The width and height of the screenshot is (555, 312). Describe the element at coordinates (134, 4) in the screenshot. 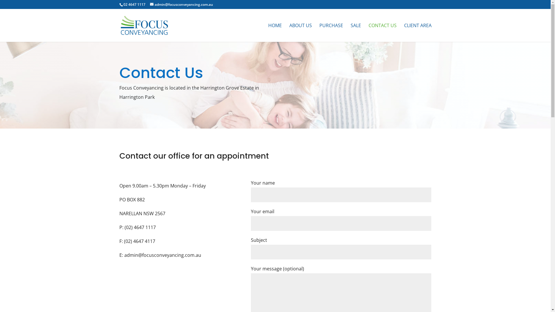

I see `'02 4647 1117'` at that location.